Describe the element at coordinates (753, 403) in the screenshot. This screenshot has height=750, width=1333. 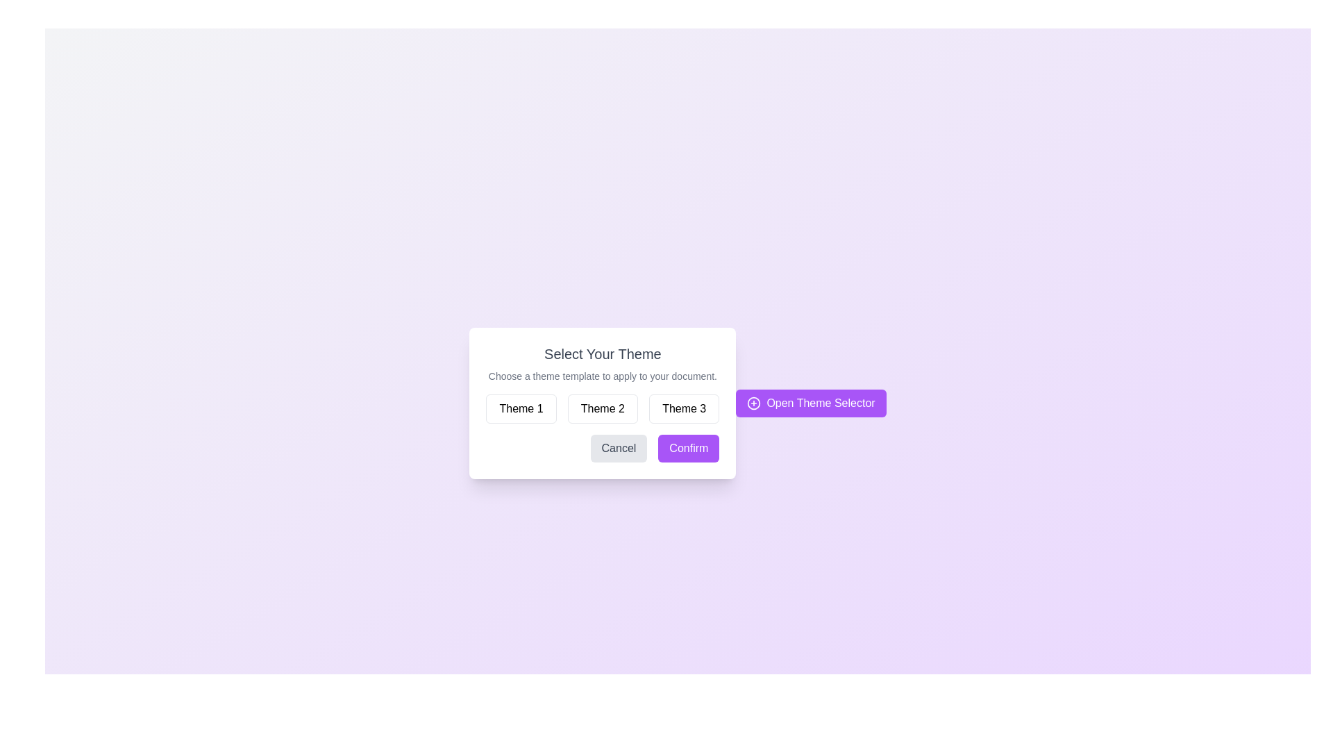
I see `the circular icon with a plus sign located on the left side of the 'Open Theme Selector' button` at that location.